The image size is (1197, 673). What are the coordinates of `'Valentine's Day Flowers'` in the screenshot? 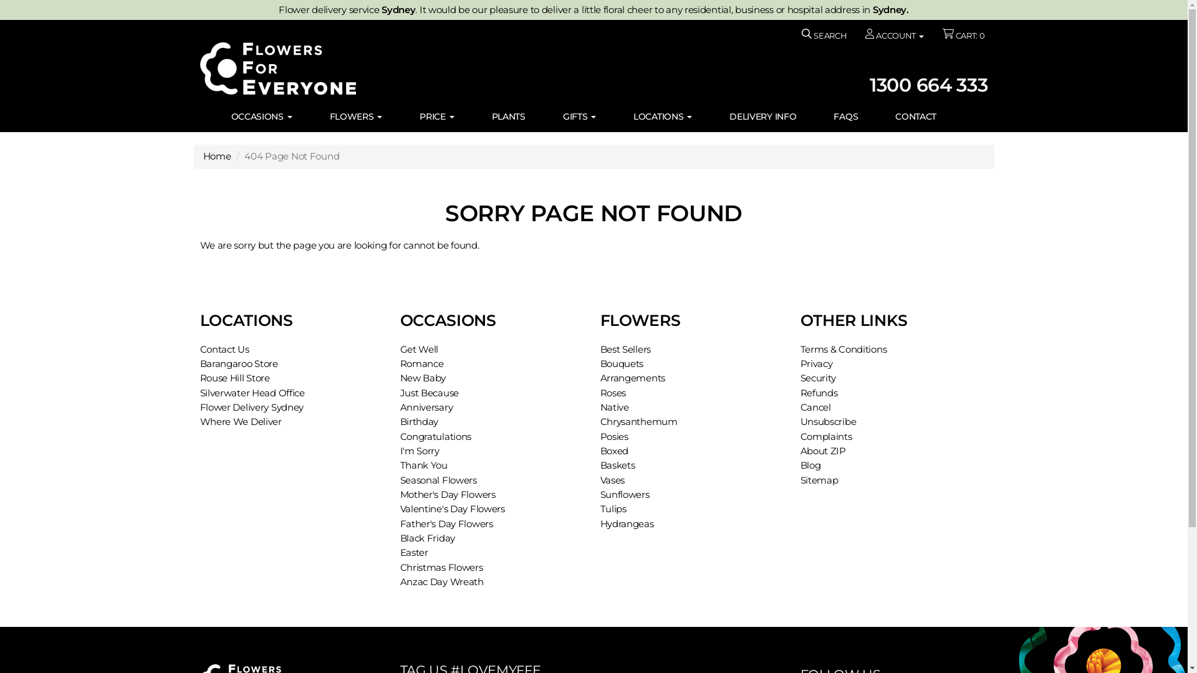 It's located at (451, 509).